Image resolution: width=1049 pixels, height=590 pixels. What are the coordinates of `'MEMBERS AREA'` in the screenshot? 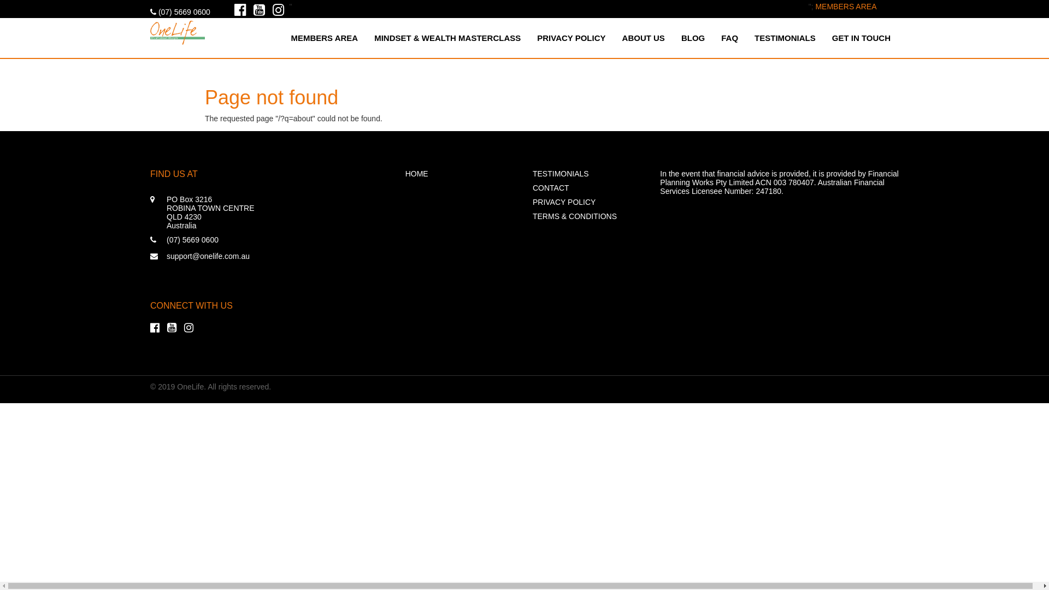 It's located at (845, 6).